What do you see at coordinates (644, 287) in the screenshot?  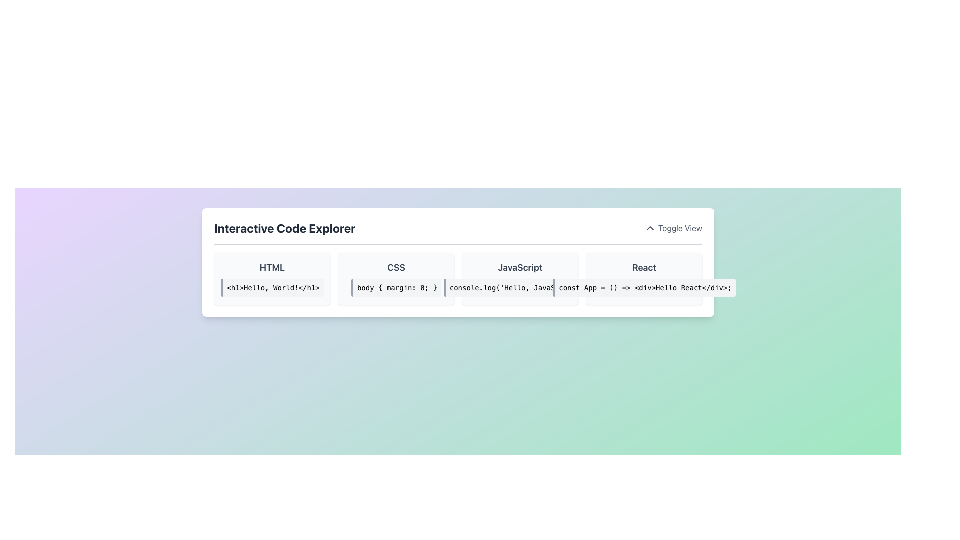 I see `the text displayed in the second Text Display element under the 'React' header in the code editor interface` at bounding box center [644, 287].